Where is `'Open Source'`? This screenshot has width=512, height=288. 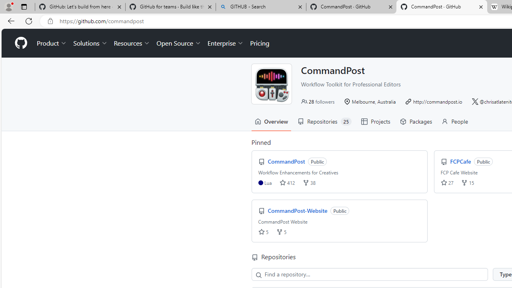 'Open Source' is located at coordinates (178, 43).